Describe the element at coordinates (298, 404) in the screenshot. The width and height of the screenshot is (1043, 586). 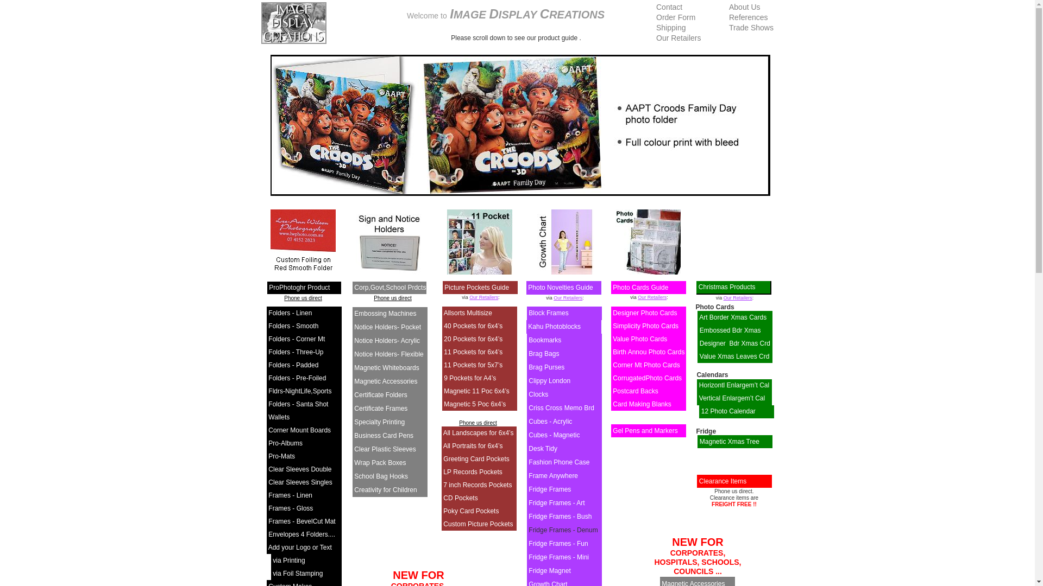
I see `'Folders - Santa Shot'` at that location.